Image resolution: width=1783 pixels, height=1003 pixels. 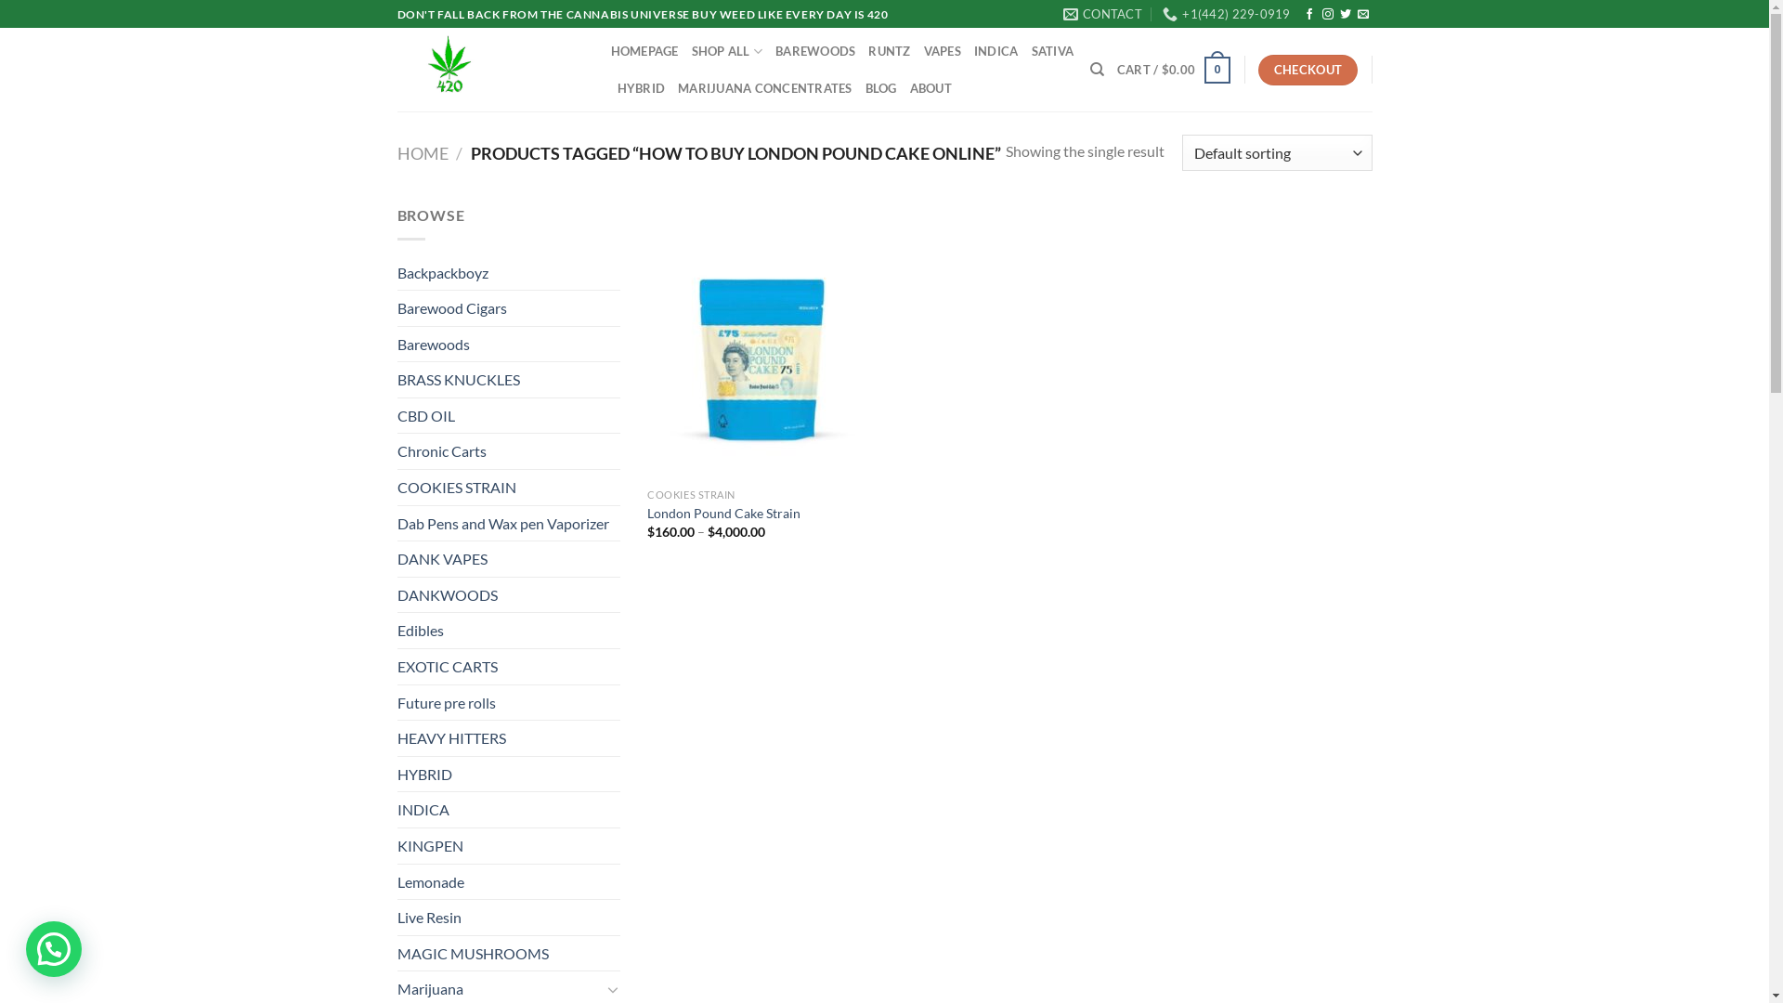 What do you see at coordinates (641, 88) in the screenshot?
I see `'HYBRID'` at bounding box center [641, 88].